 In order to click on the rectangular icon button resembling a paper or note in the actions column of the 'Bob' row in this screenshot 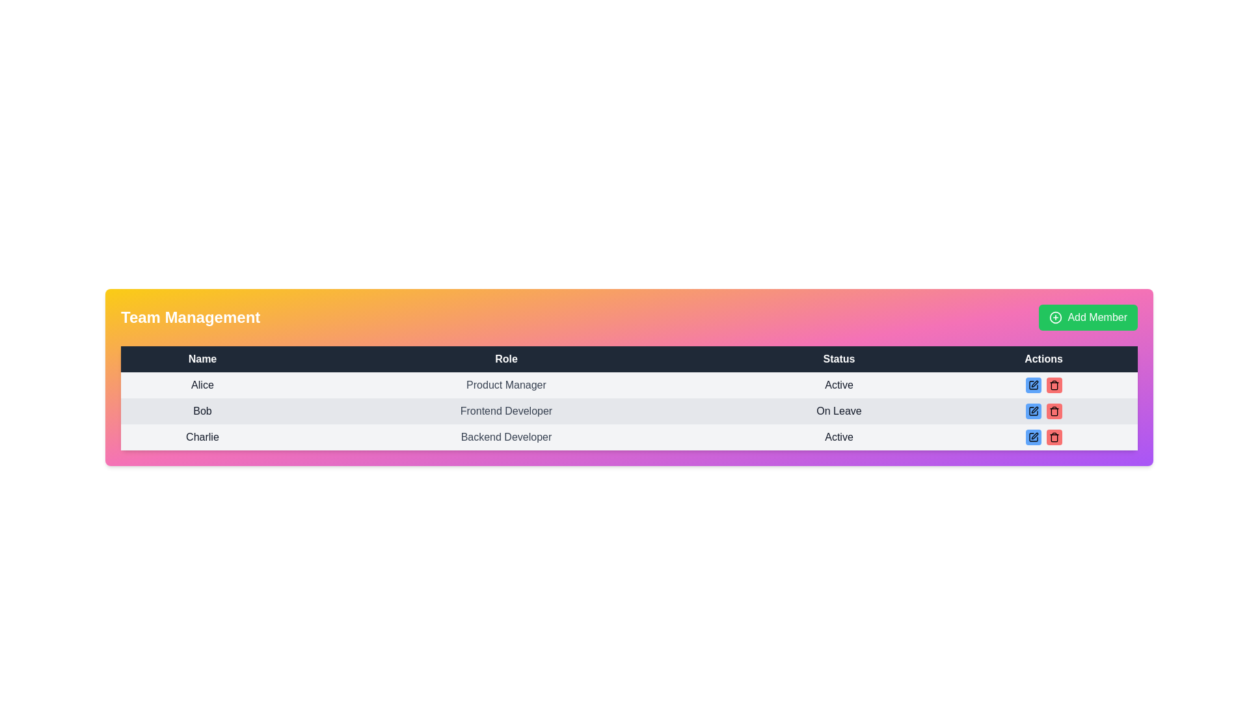, I will do `click(1032, 411)`.